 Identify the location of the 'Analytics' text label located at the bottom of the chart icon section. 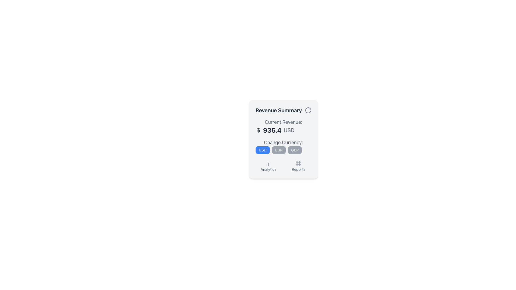
(268, 169).